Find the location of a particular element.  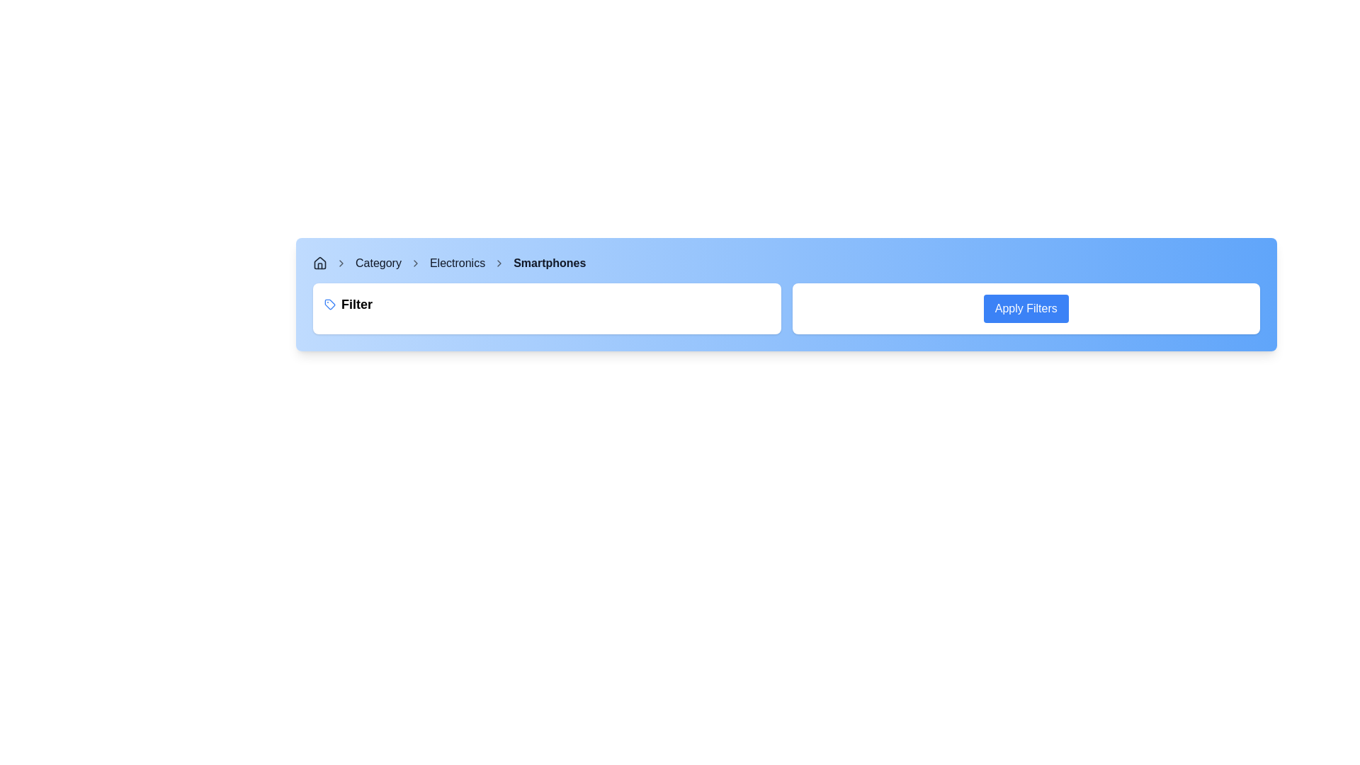

the navigation icon located between the 'Electronics' and 'Smartphones' text links in the breadcrumb navigation bar is located at coordinates (499, 263).